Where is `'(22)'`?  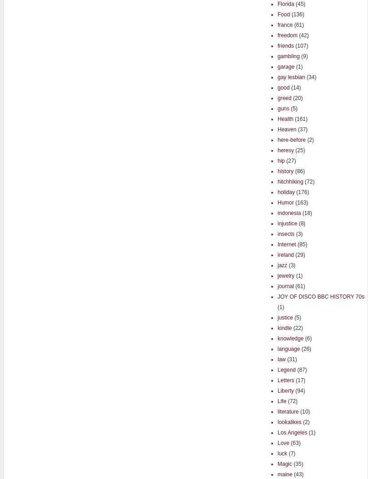 '(22)' is located at coordinates (297, 327).